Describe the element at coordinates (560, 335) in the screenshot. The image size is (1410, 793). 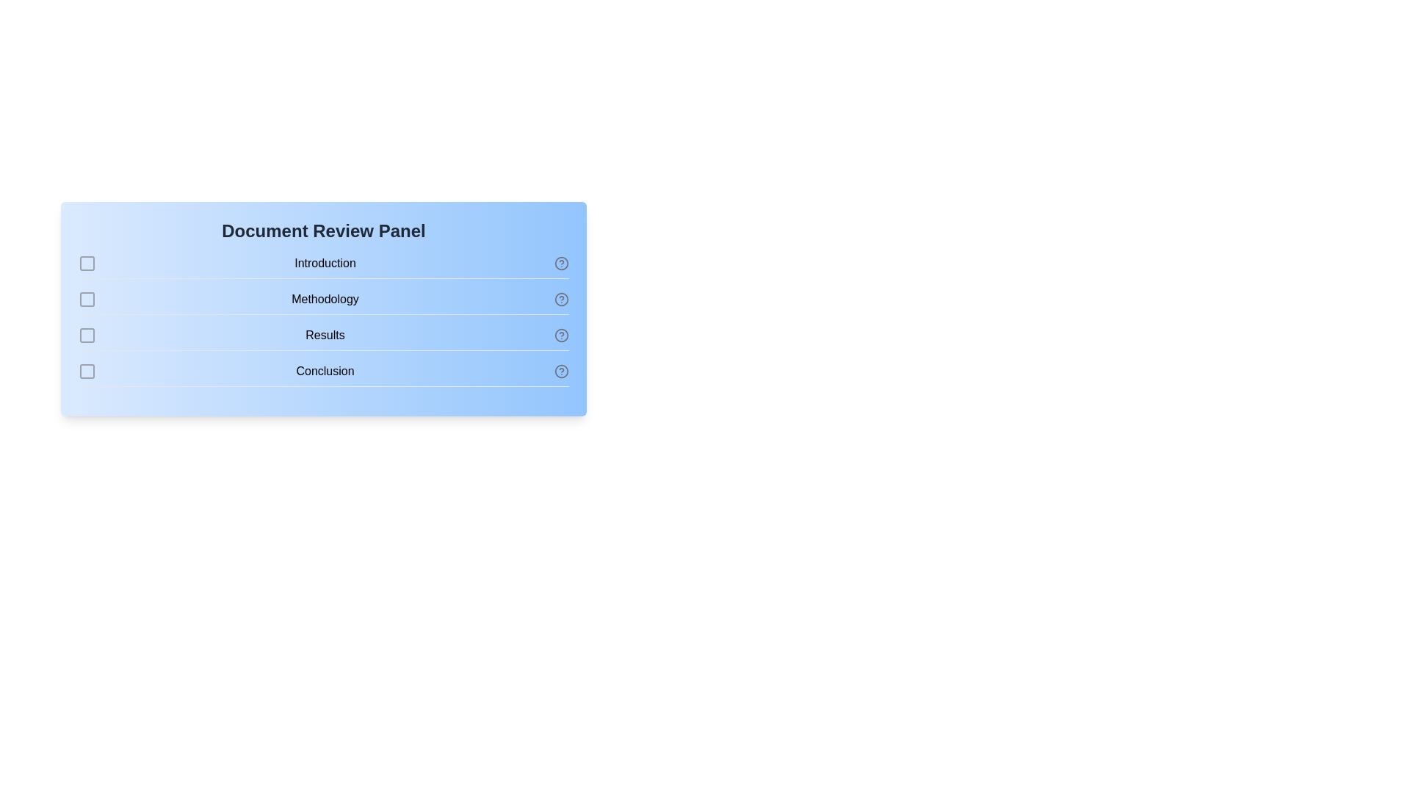
I see `the information icon for the Results section to view its tooltip` at that location.